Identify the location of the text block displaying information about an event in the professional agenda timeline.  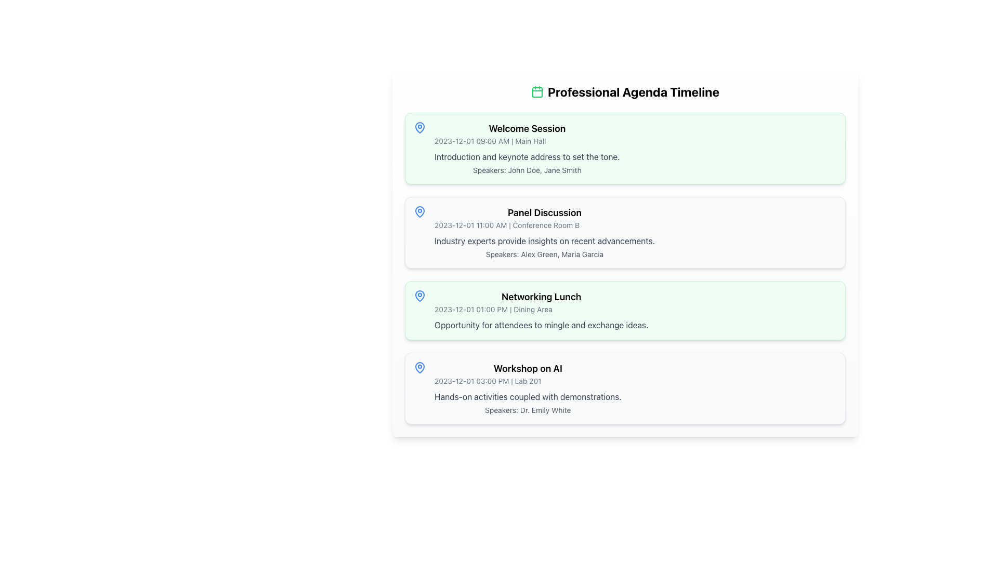
(528, 389).